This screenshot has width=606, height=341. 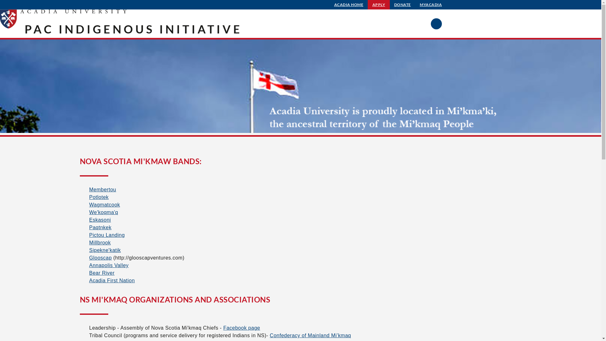 I want to click on 'Millbrook', so click(x=89, y=242).